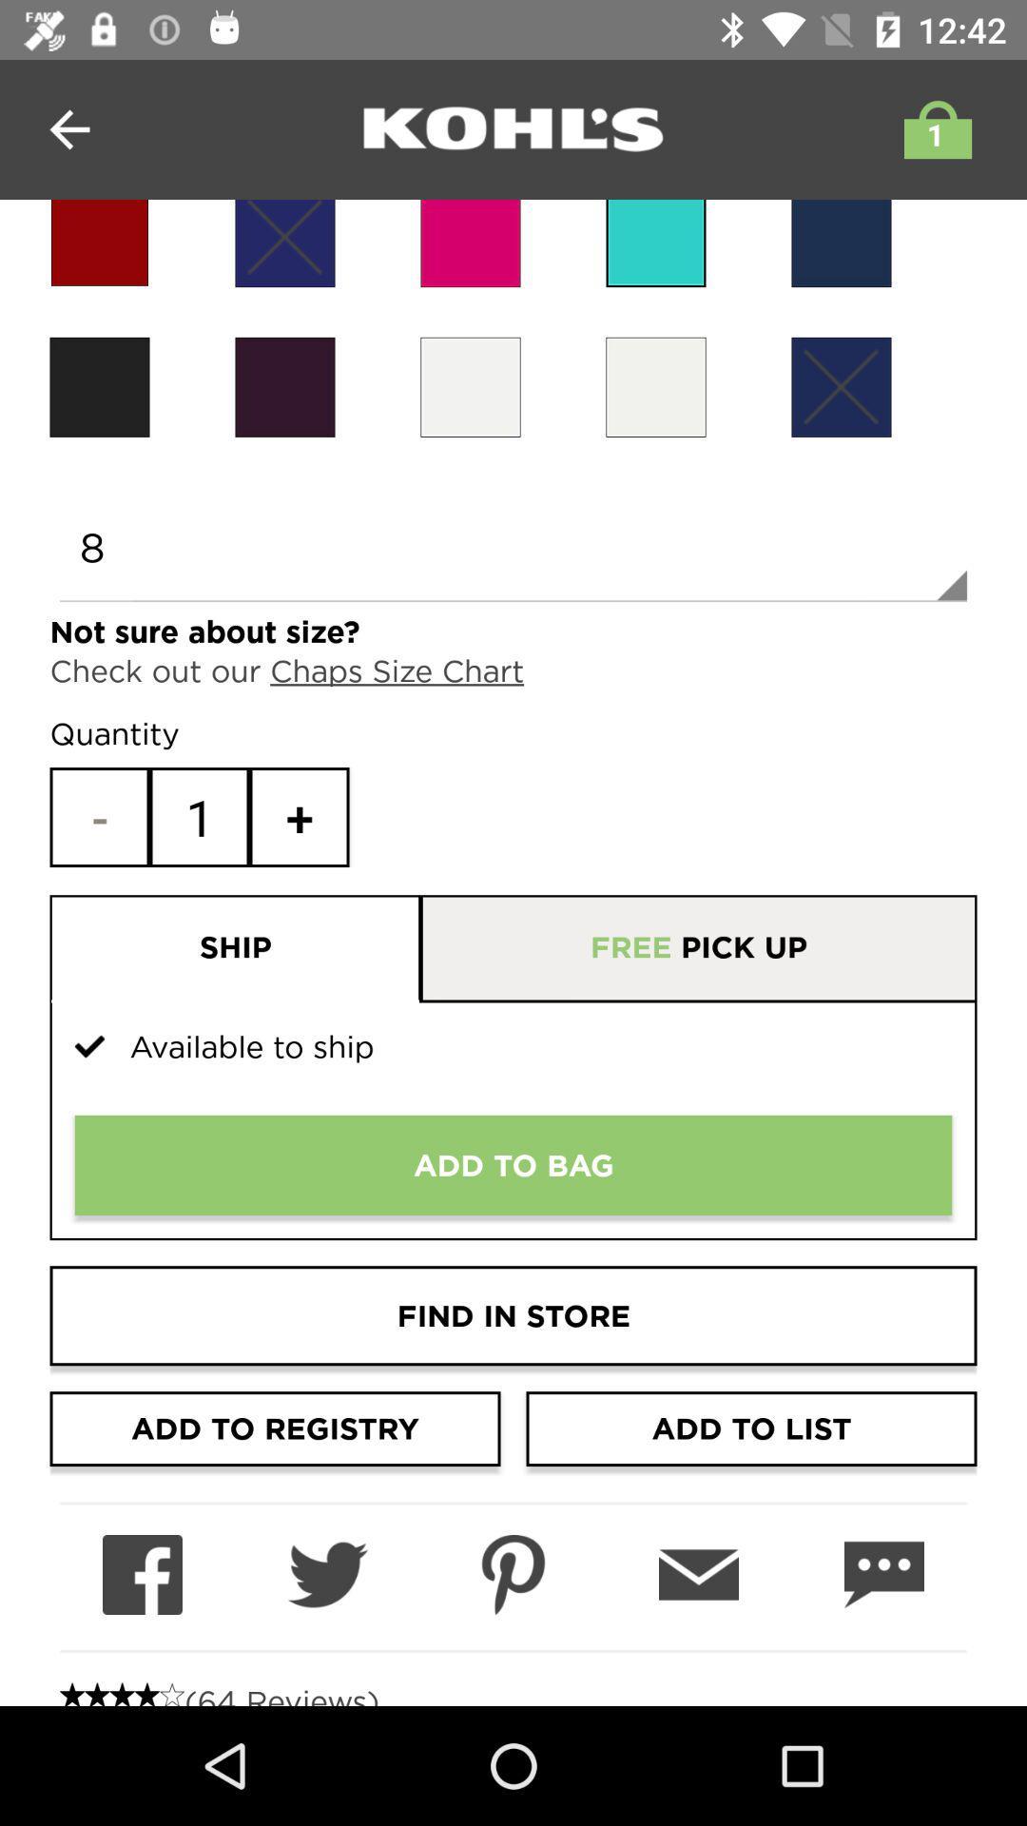  I want to click on color selection button, so click(470, 386).